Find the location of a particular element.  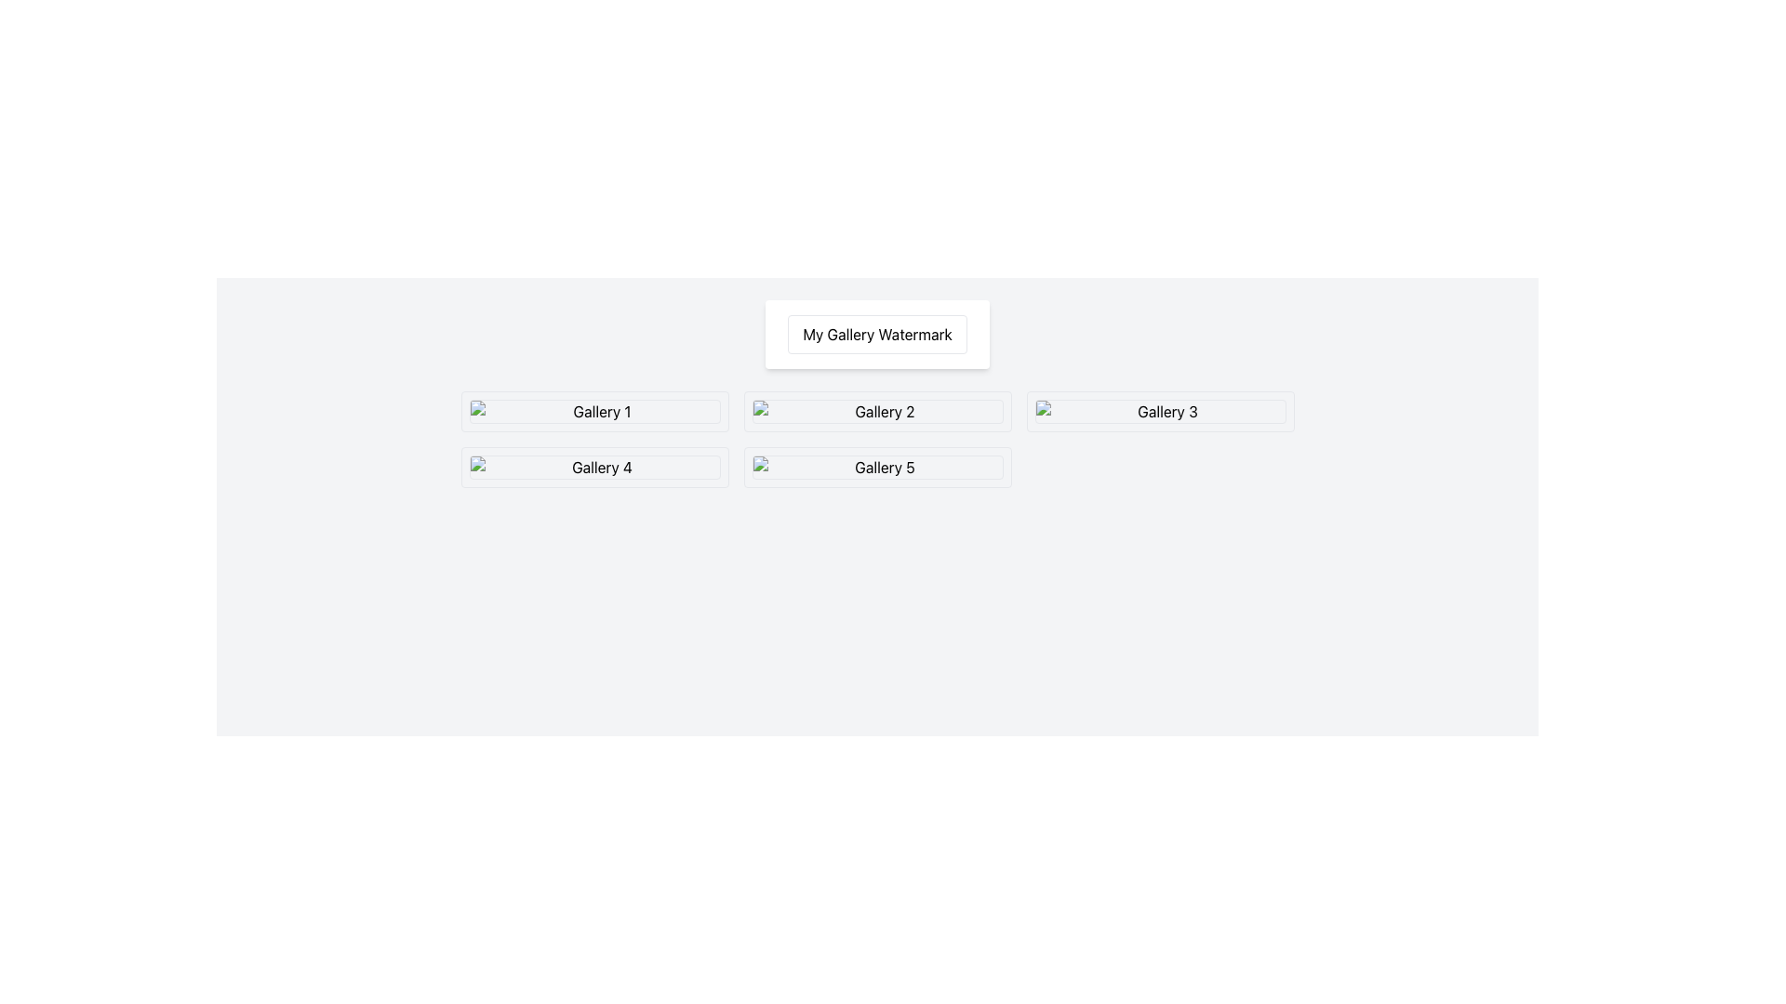

the image element representing the fifth gallery item, which is the leftmost element in its card-like layout is located at coordinates (876, 466).